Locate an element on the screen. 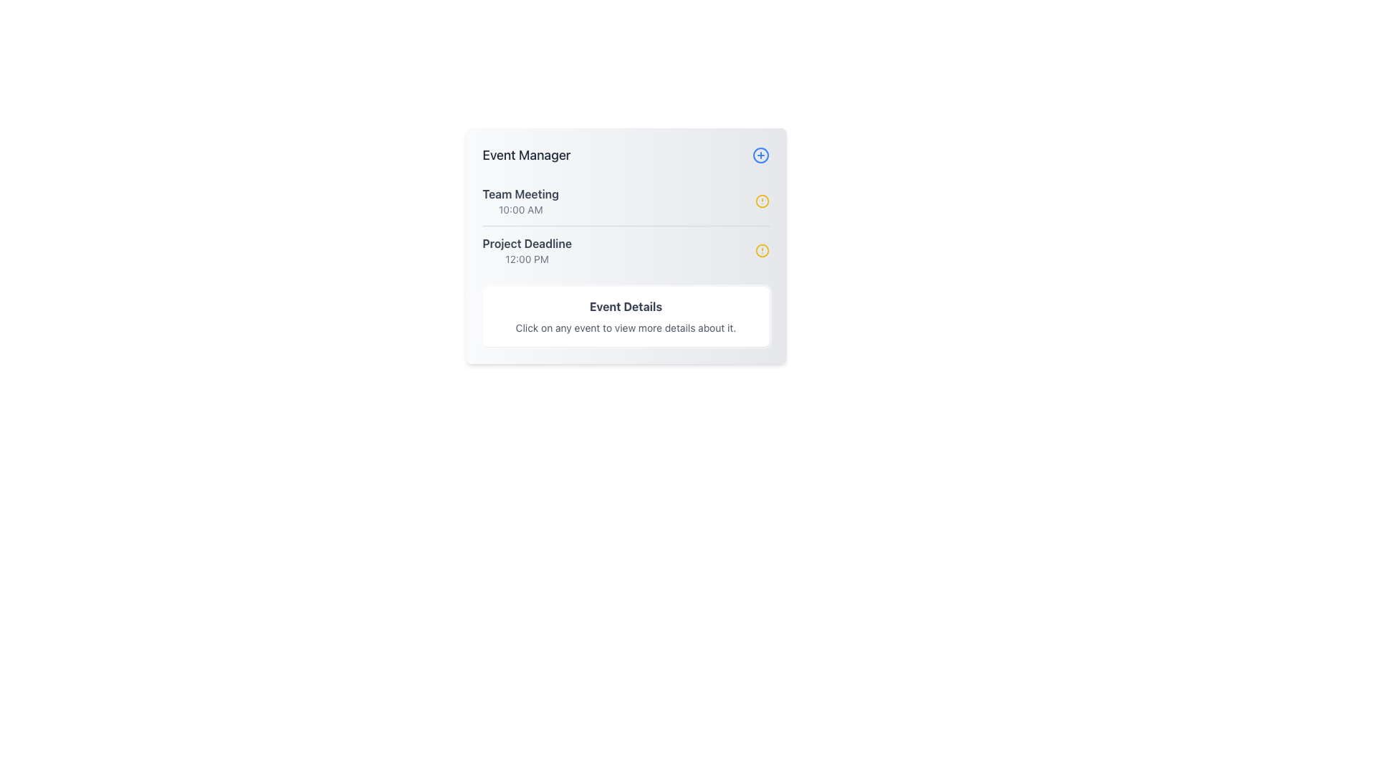 The height and width of the screenshot is (774, 1376). the circular graphical element within the SVG icon located at the top-right corner of the 'Event Manager' card, which serves as a button for adding or expanding features related to events is located at coordinates (760, 155).